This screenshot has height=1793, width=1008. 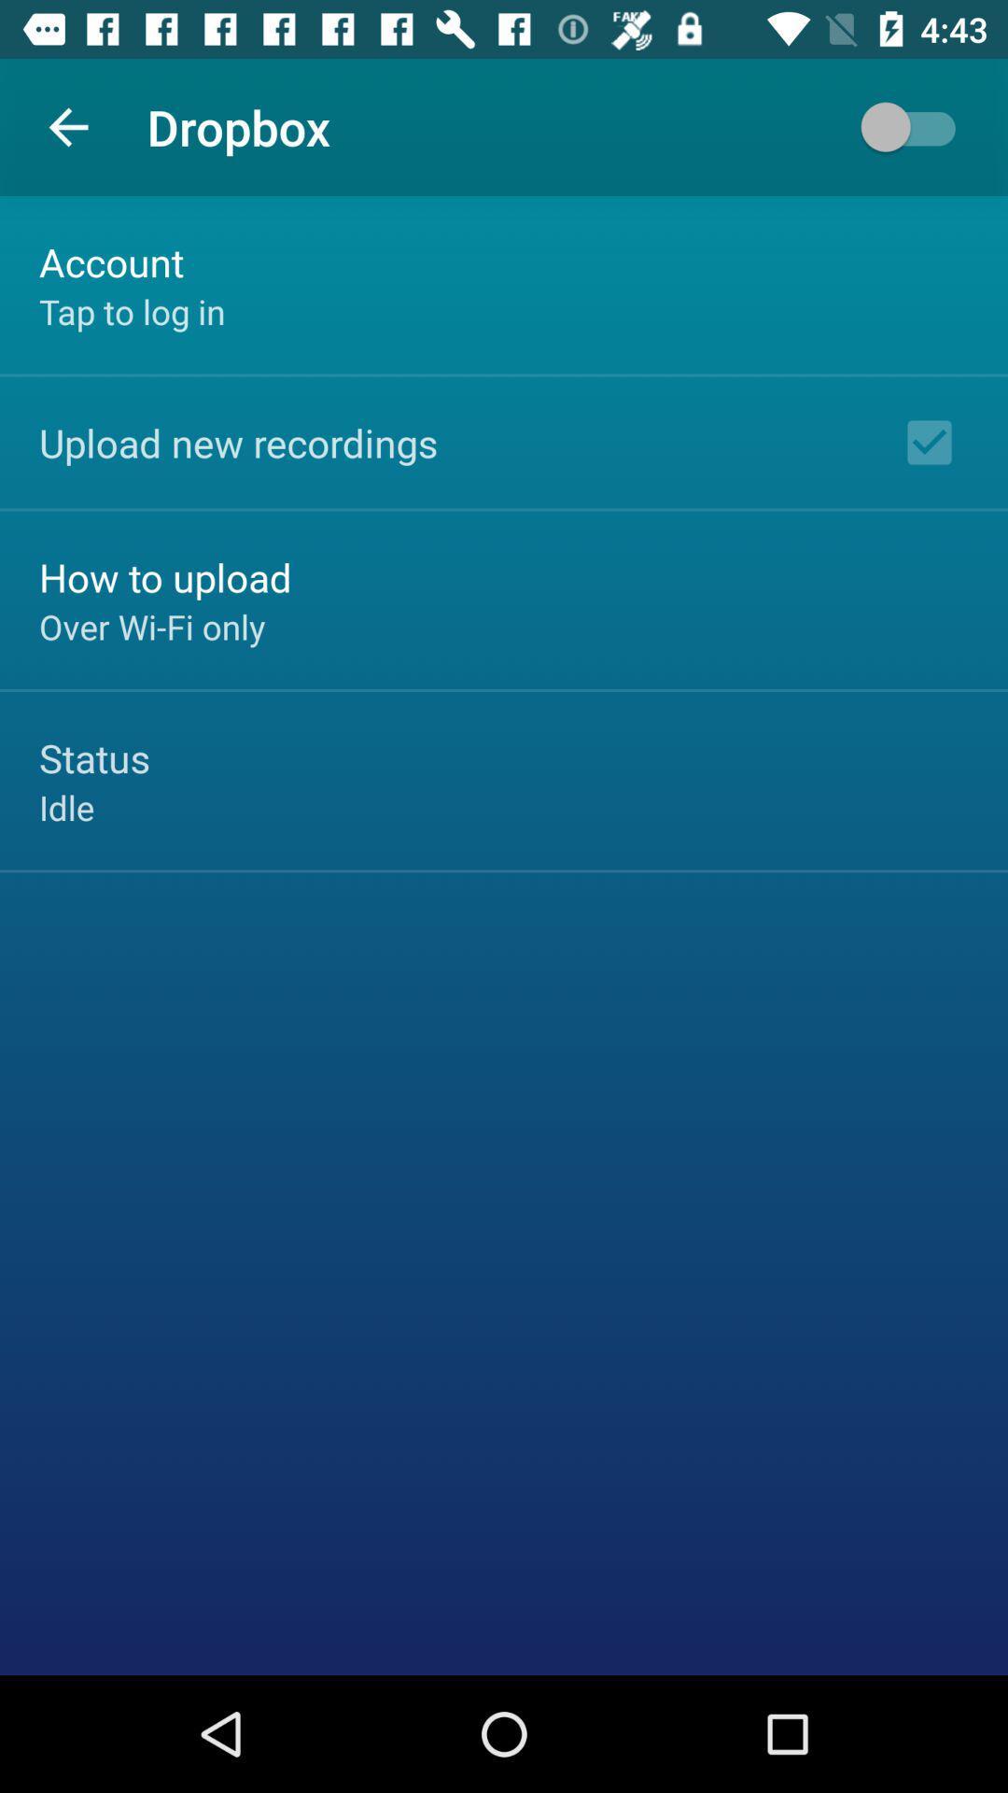 What do you see at coordinates (94, 757) in the screenshot?
I see `the status` at bounding box center [94, 757].